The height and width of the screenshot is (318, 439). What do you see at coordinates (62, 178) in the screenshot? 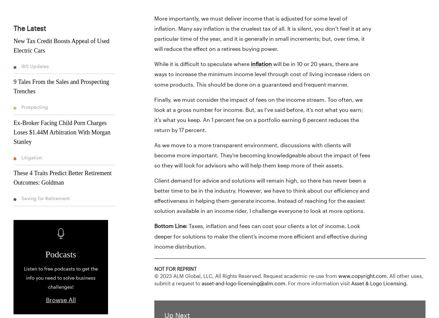
I see `'These 4 Traits Predict Better Retirement Outcomes: Goldman'` at bounding box center [62, 178].